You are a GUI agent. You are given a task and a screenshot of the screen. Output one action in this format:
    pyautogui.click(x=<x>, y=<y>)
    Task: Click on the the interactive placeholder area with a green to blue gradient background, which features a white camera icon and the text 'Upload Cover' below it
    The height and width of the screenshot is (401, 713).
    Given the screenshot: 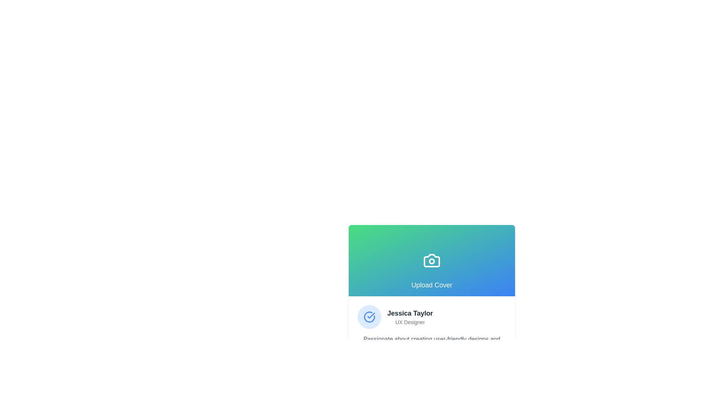 What is the action you would take?
    pyautogui.click(x=432, y=260)
    